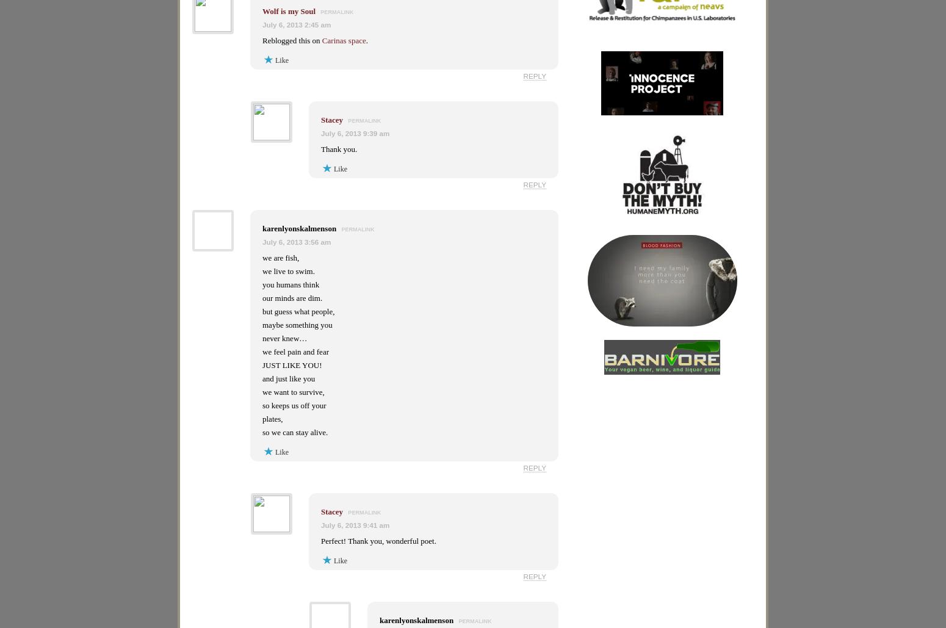 The image size is (946, 628). I want to click on 'but guess what people,', so click(298, 311).